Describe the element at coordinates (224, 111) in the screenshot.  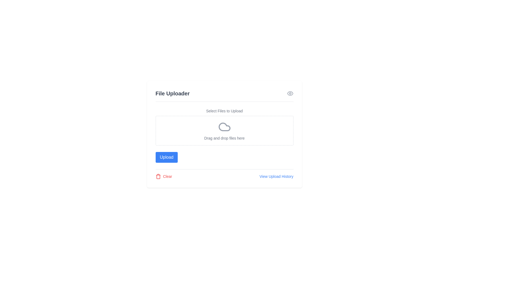
I see `the instructional text that prompts the user to select files for uploading, located above the drag-and-drop box` at that location.